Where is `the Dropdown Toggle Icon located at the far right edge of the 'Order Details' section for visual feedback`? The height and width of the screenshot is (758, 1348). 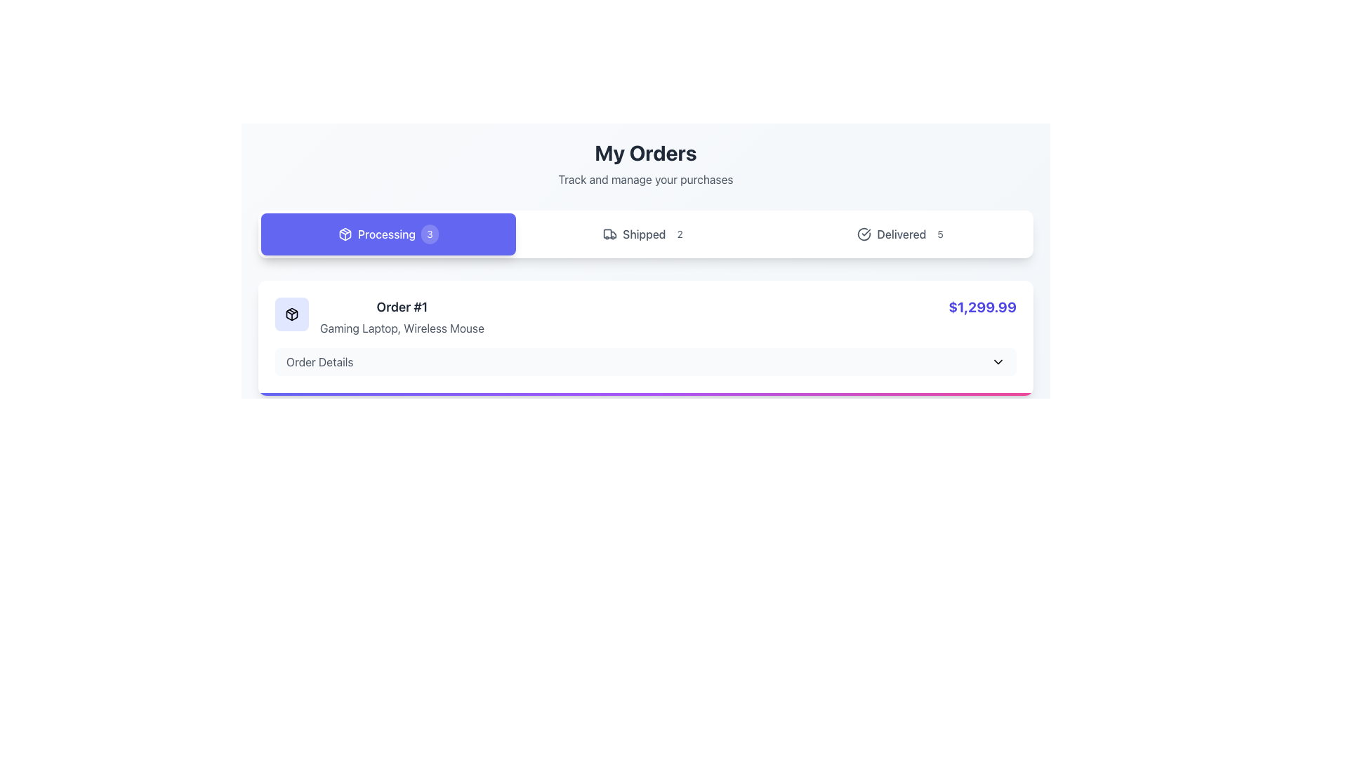 the Dropdown Toggle Icon located at the far right edge of the 'Order Details' section for visual feedback is located at coordinates (997, 361).